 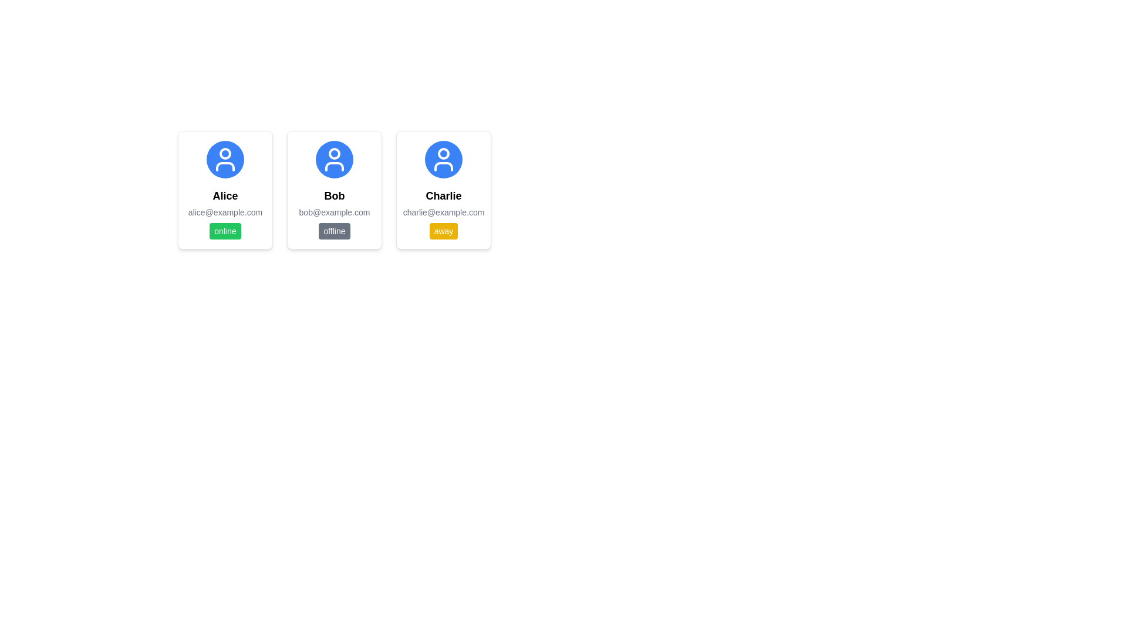 I want to click on the user profile icon button located in the center of the 'Charlie' card, above the text in the circular area, so click(x=443, y=160).